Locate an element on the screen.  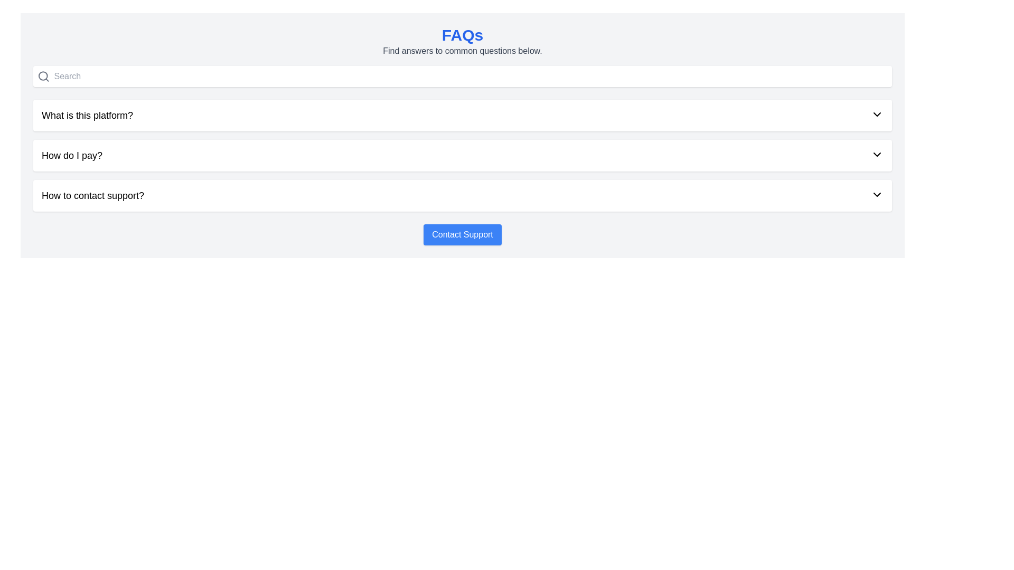
the second collapsible FAQ item related to 'How do I pay?' is located at coordinates (462, 155).